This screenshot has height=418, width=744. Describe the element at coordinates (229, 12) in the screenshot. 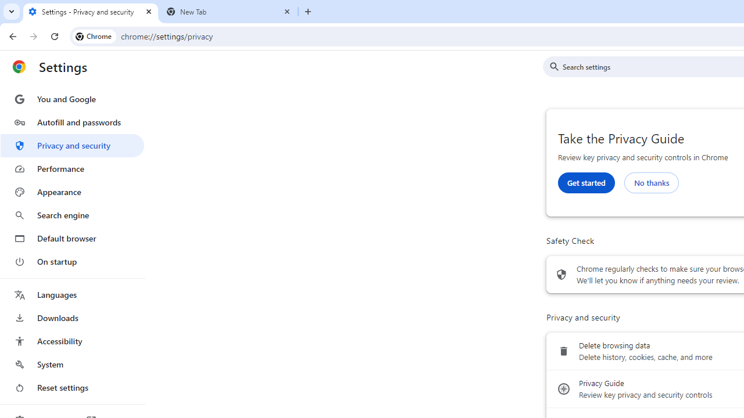

I see `'New Tab'` at that location.